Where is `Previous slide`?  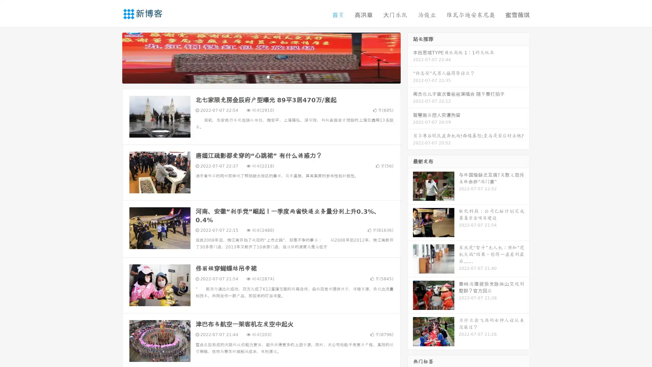
Previous slide is located at coordinates (112, 57).